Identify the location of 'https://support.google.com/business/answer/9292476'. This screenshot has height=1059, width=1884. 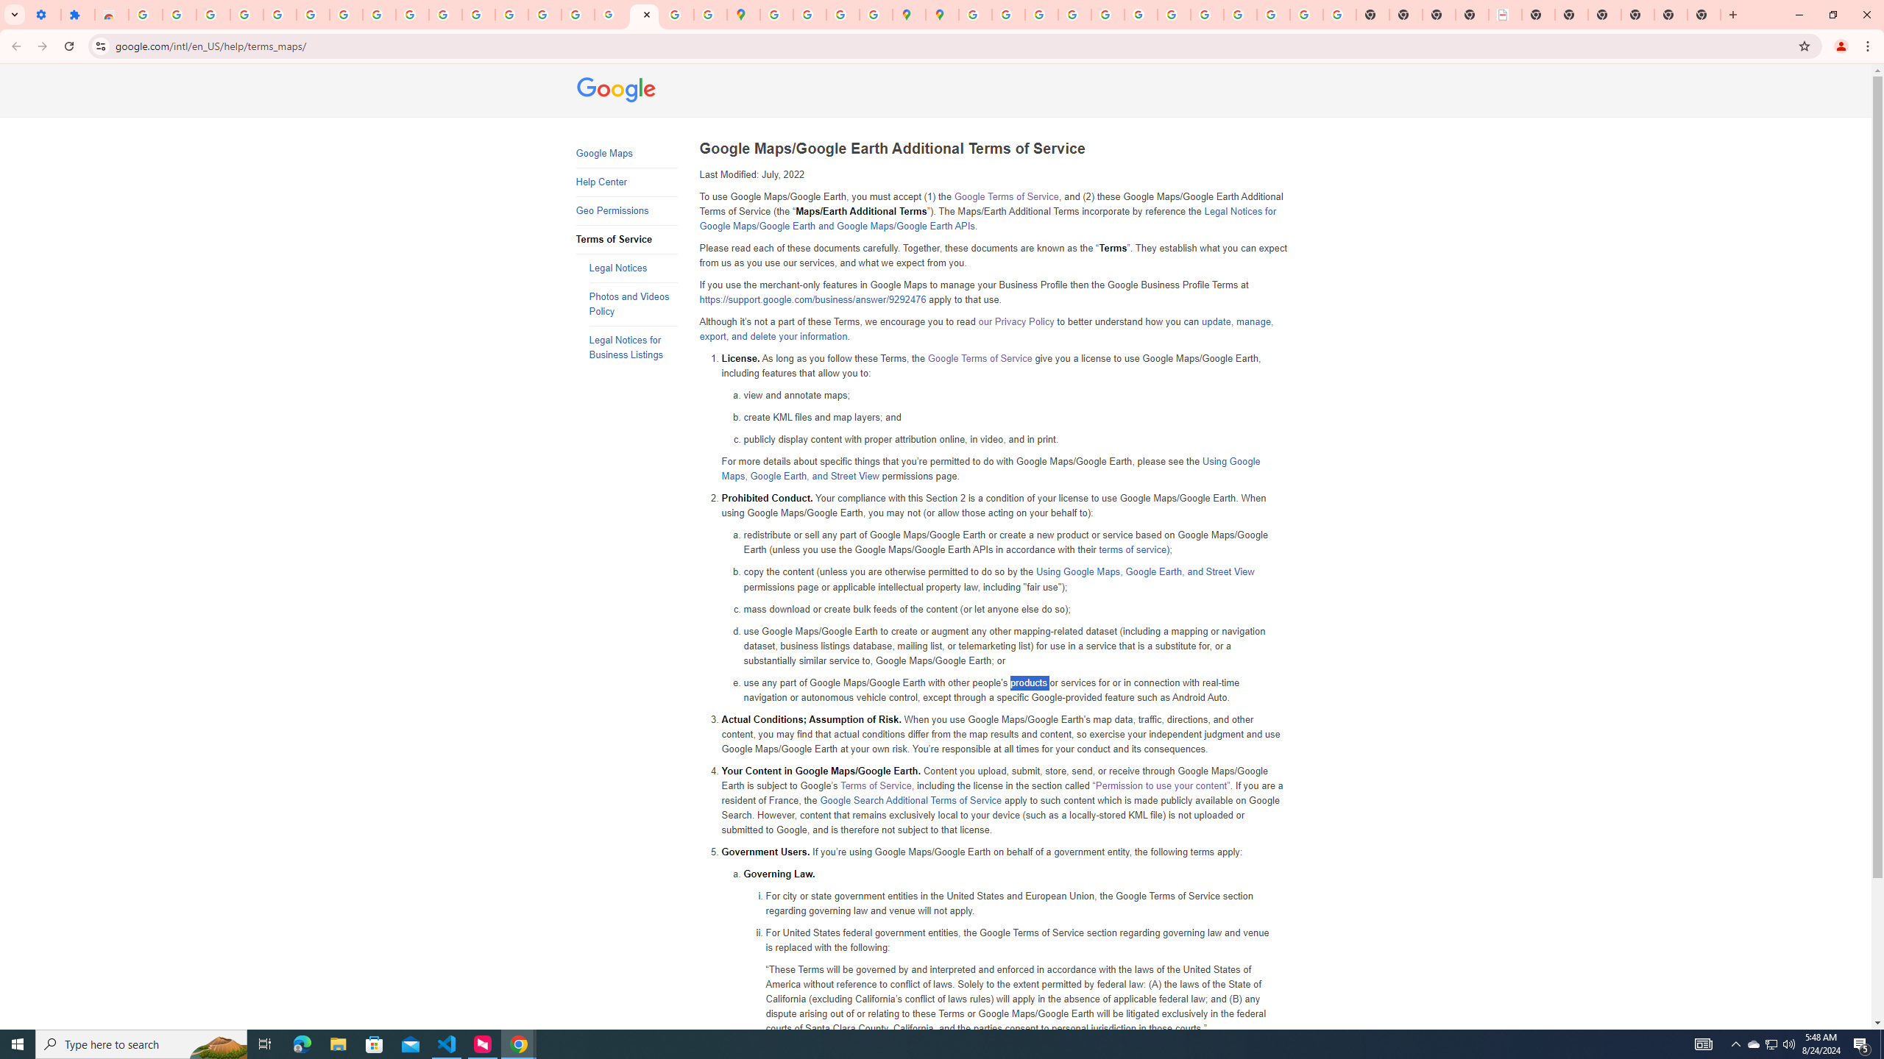
(812, 299).